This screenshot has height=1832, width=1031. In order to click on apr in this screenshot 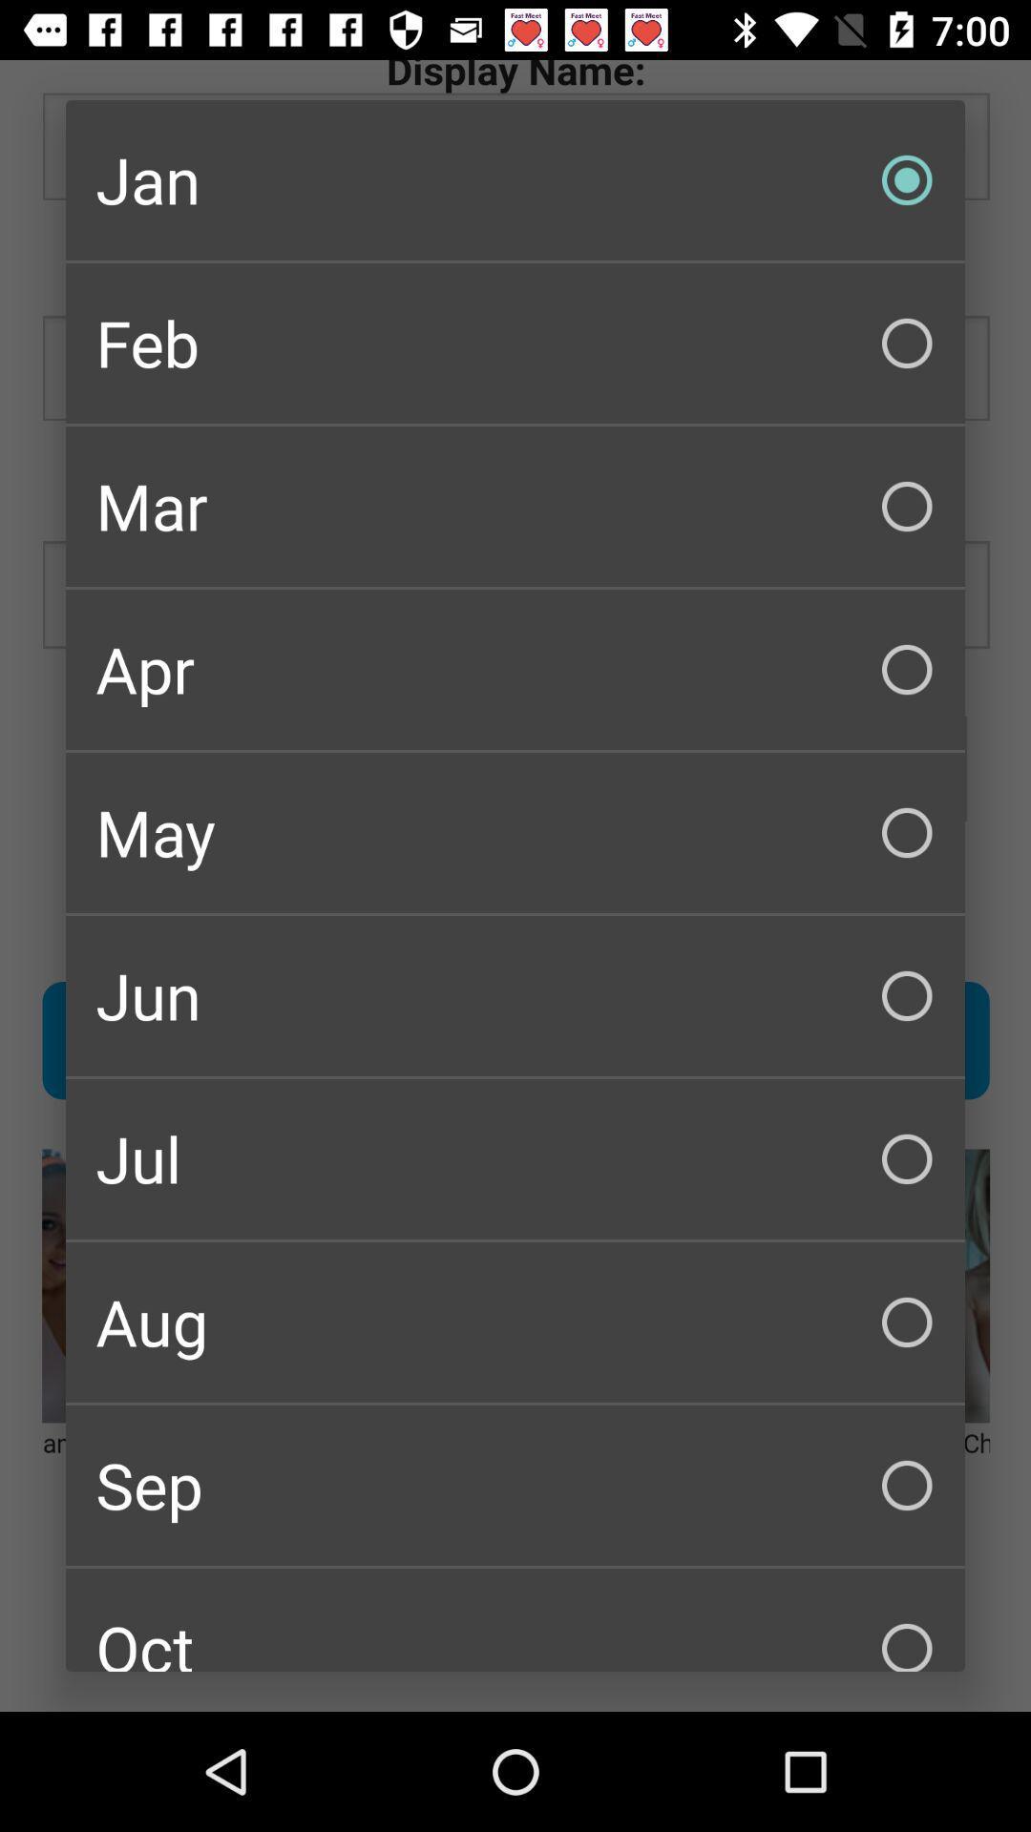, I will do `click(515, 669)`.